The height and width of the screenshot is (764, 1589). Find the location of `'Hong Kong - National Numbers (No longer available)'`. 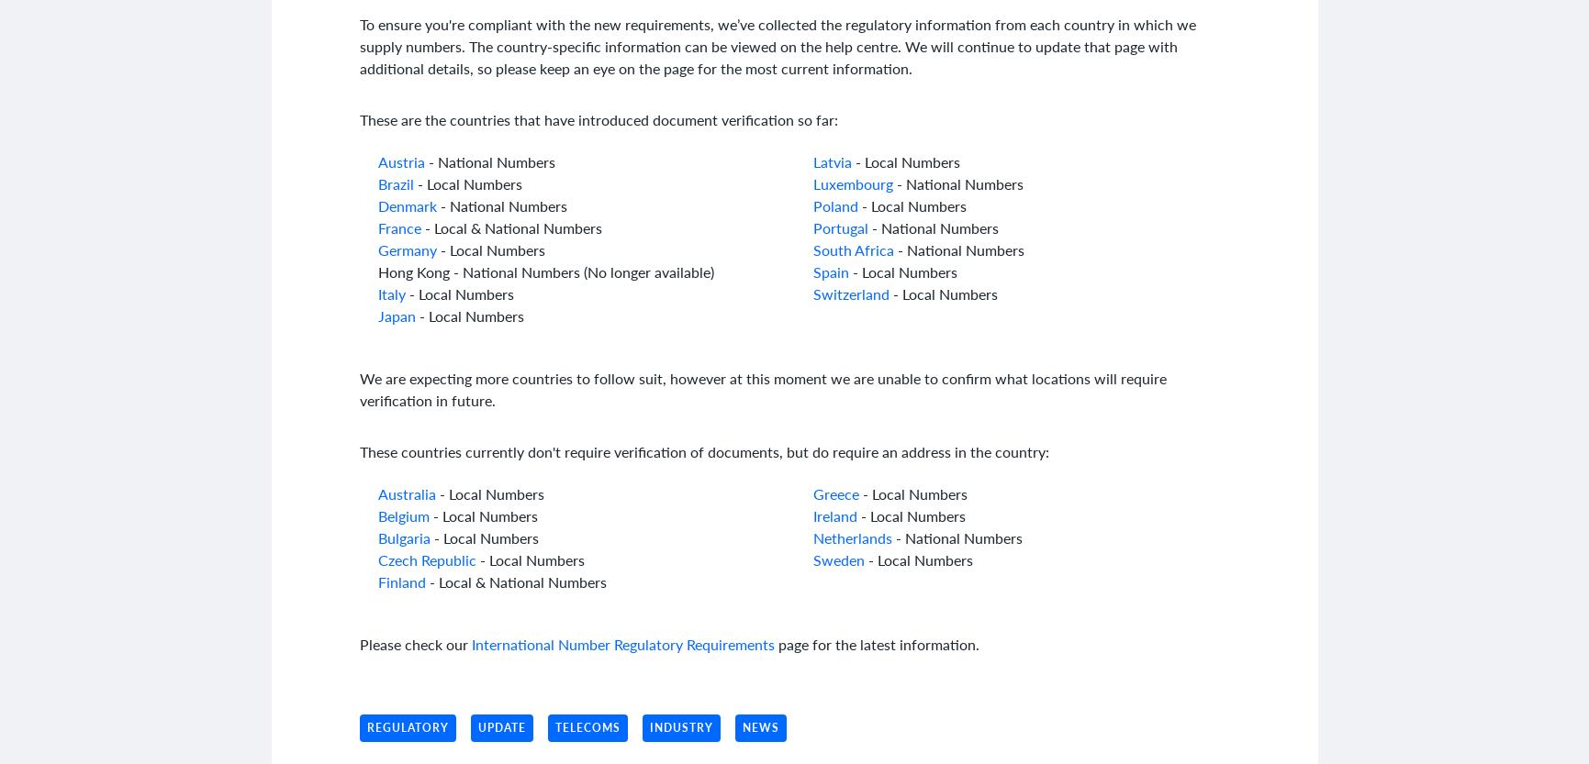

'Hong Kong - National Numbers (No longer available)' is located at coordinates (544, 271).